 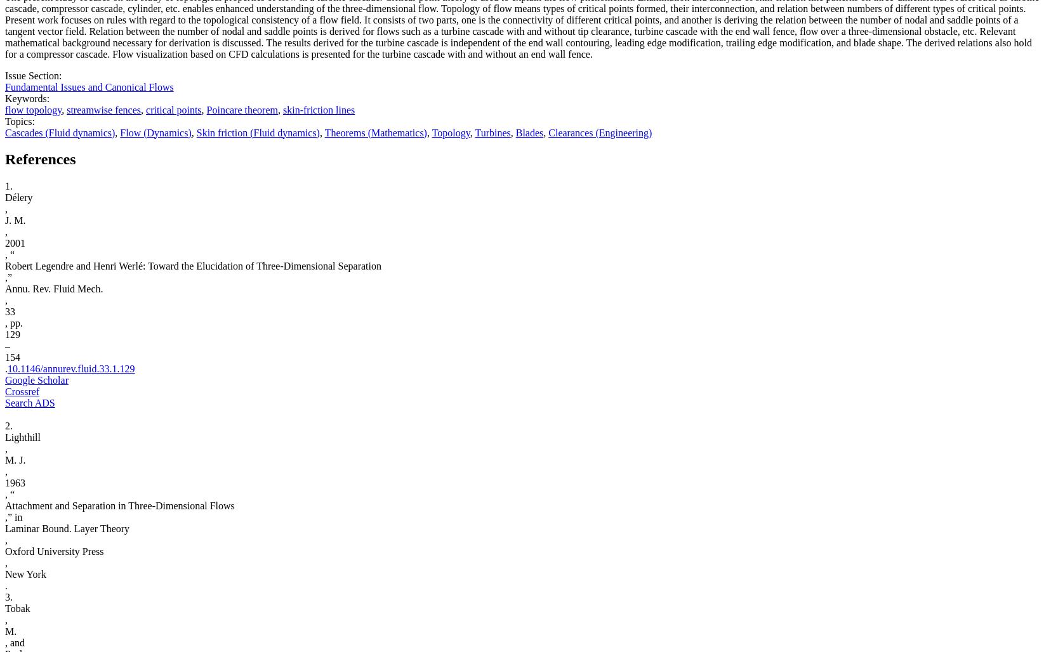 What do you see at coordinates (475, 131) in the screenshot?
I see `'Turbines'` at bounding box center [475, 131].